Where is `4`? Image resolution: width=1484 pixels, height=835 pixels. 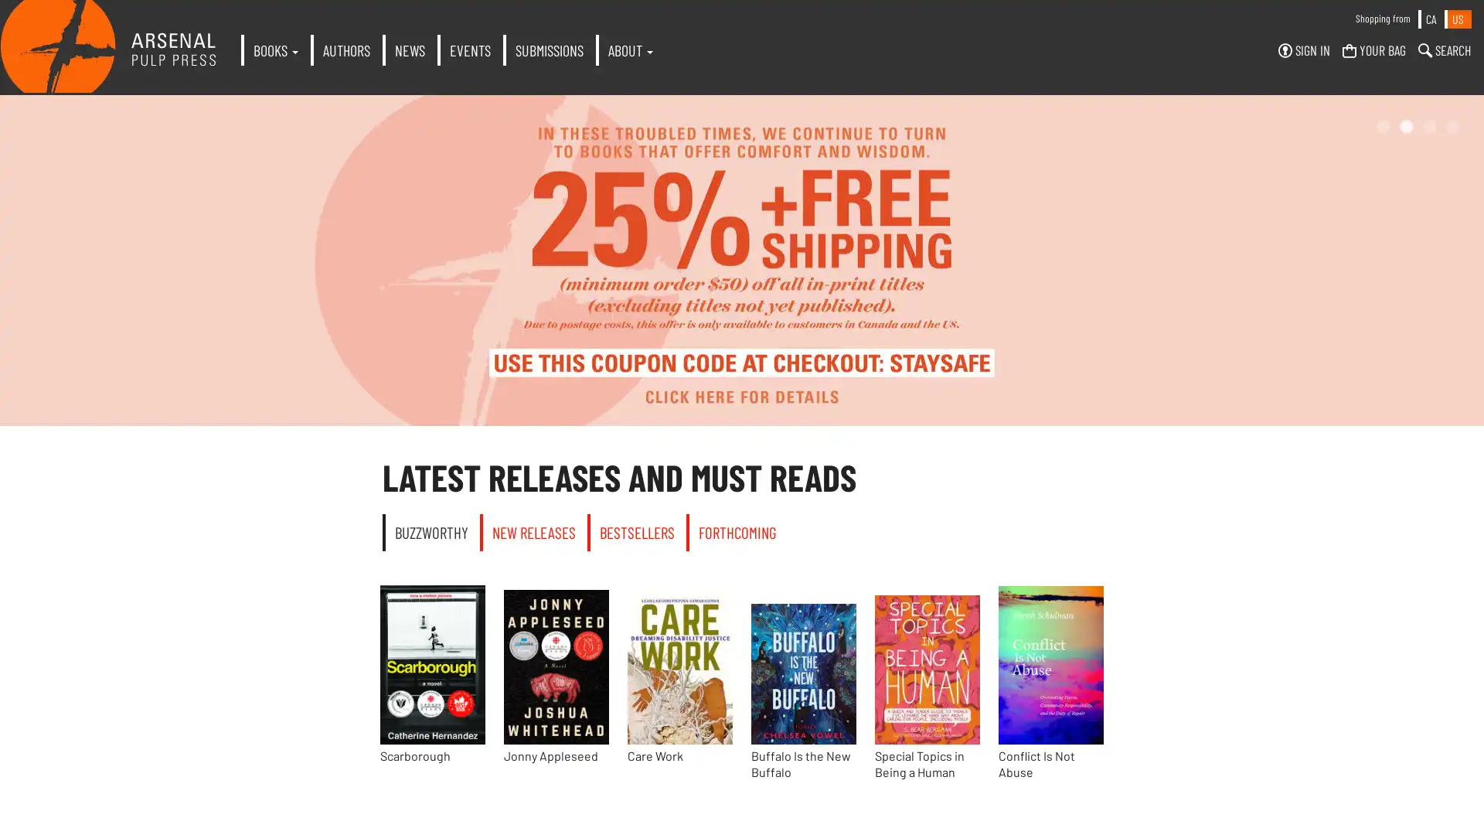 4 is located at coordinates (1452, 127).